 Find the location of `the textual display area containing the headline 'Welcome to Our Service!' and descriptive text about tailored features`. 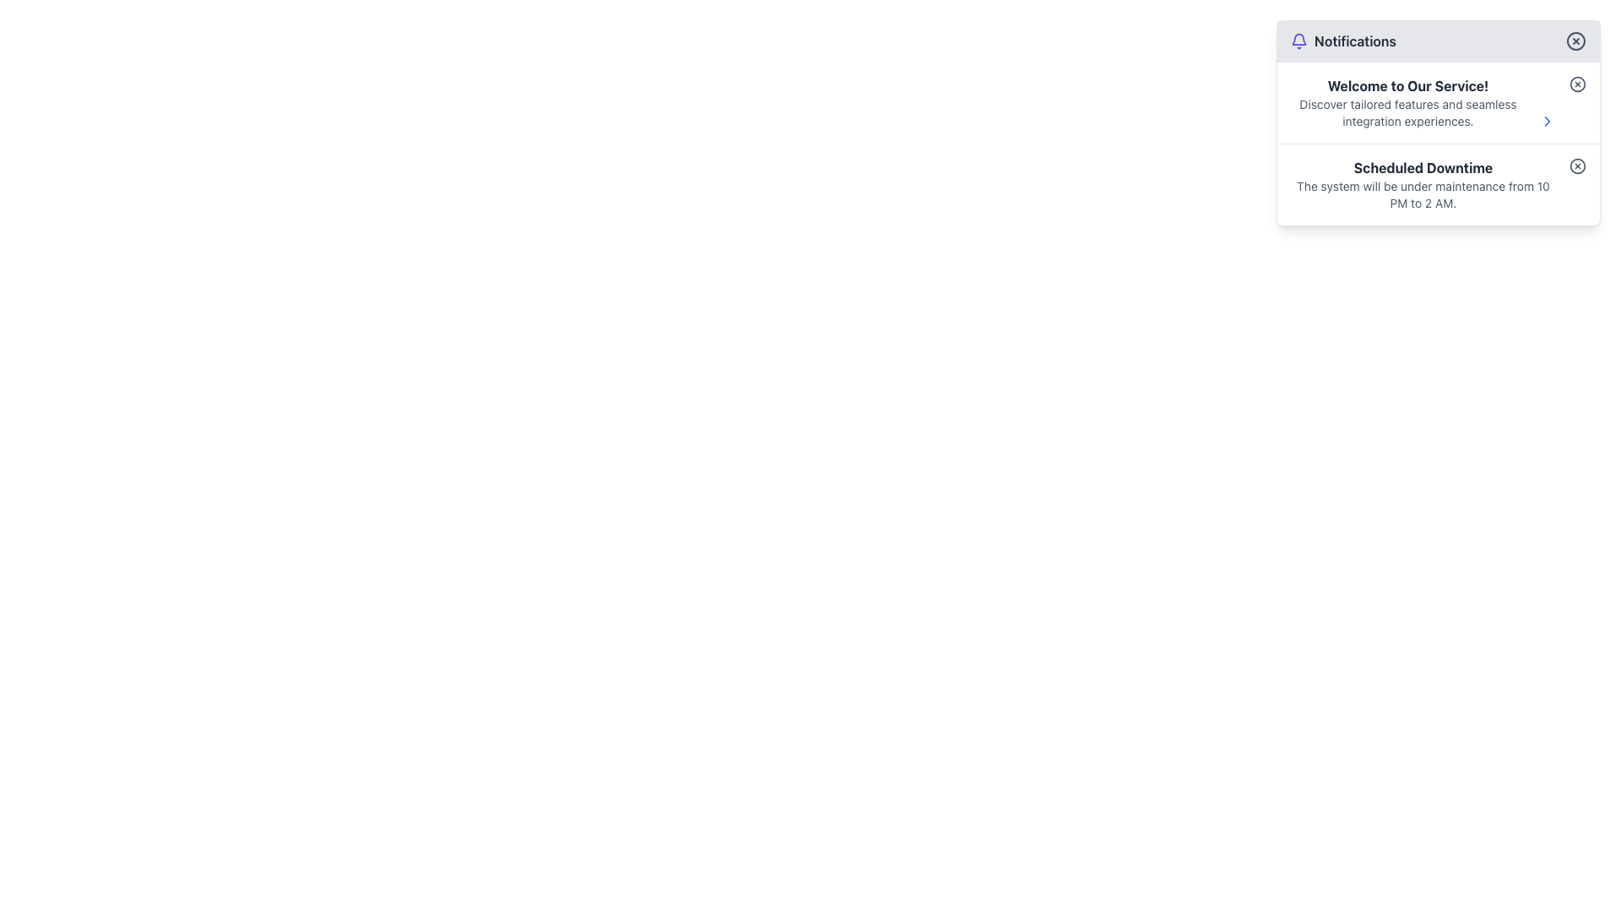

the textual display area containing the headline 'Welcome to Our Service!' and descriptive text about tailored features is located at coordinates (1408, 103).